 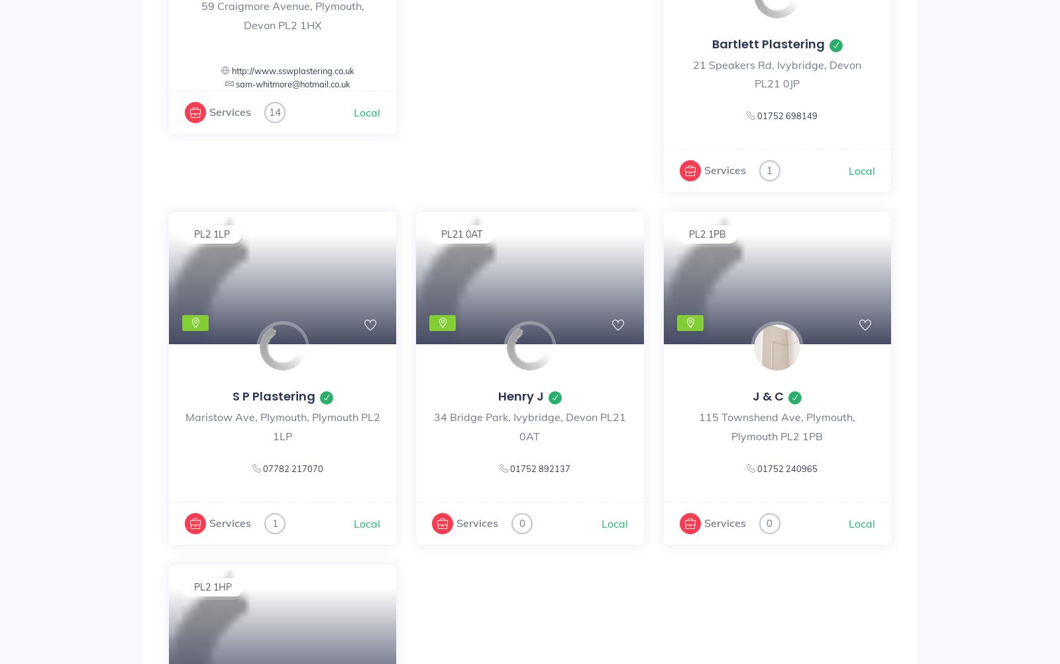 I want to click on '14', so click(x=268, y=111).